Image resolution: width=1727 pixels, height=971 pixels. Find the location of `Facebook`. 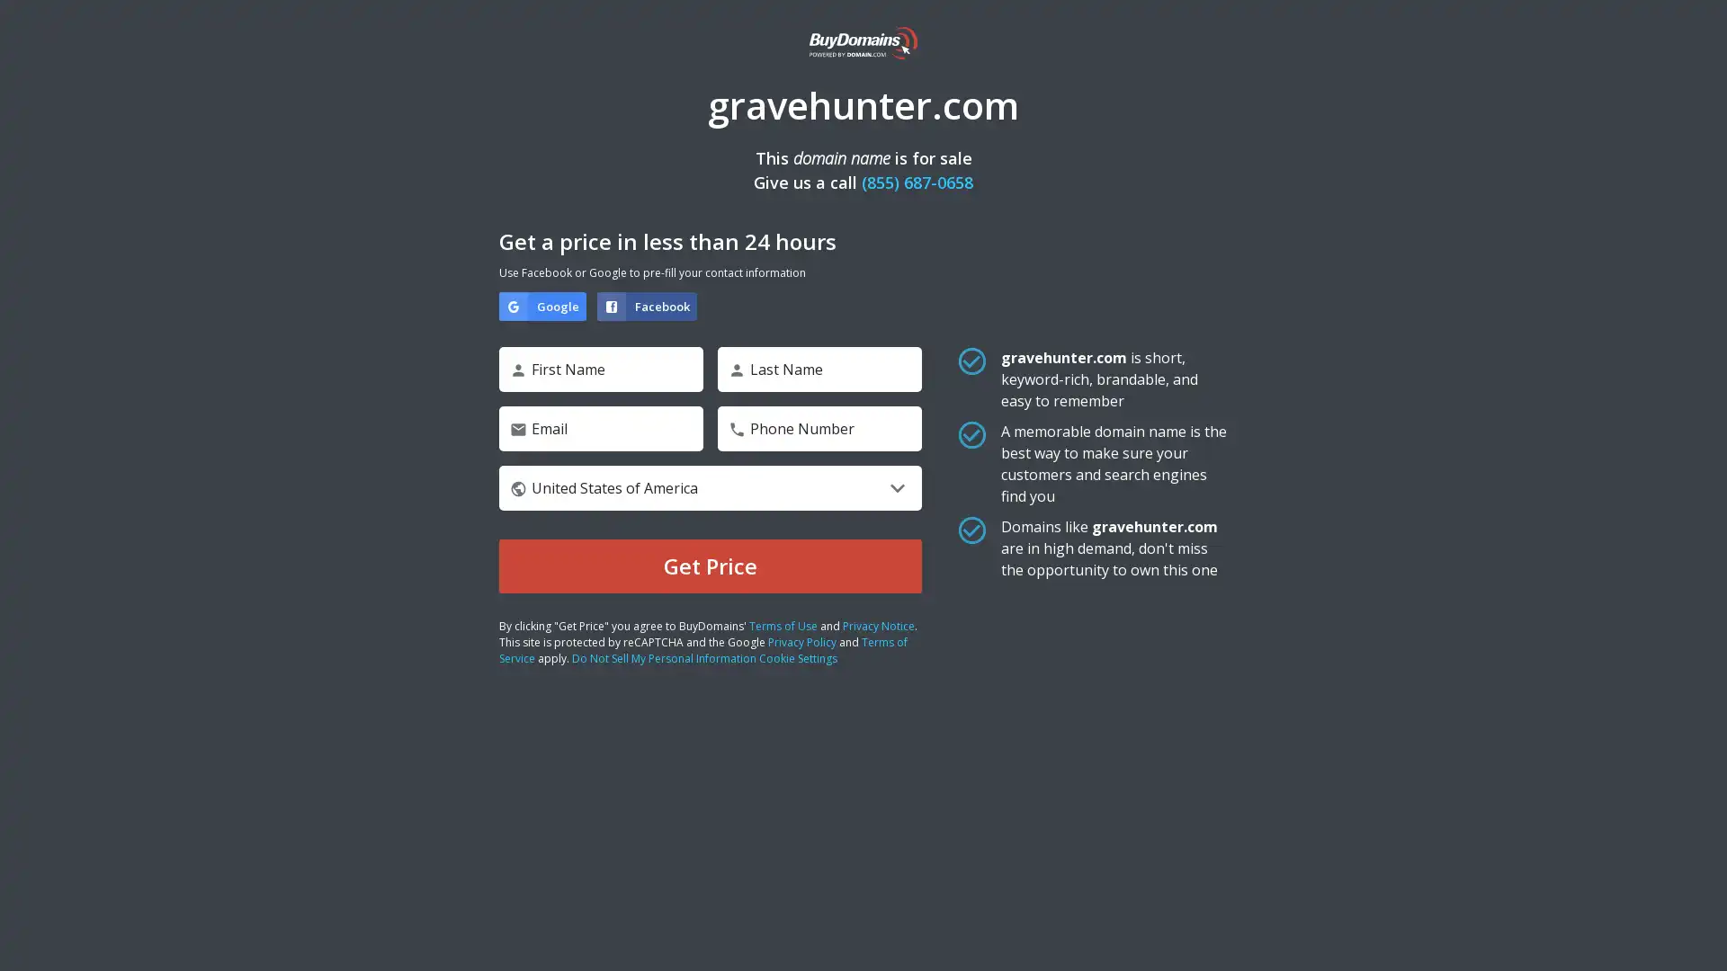

Facebook is located at coordinates (647, 305).